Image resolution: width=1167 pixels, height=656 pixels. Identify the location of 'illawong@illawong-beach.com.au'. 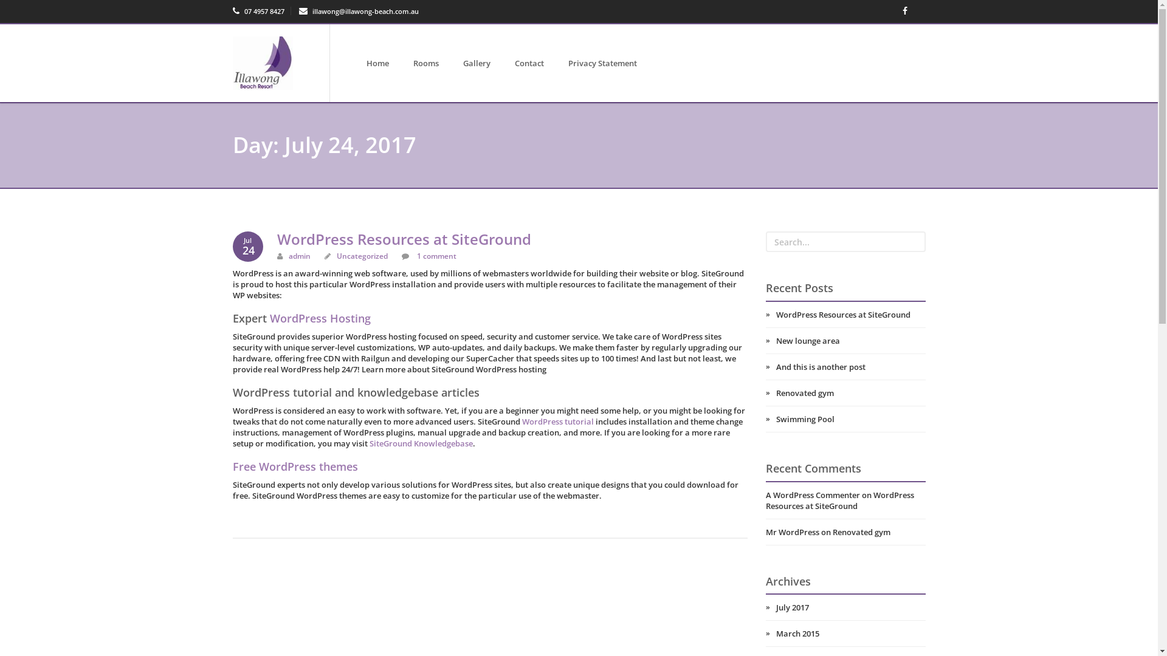
(358, 11).